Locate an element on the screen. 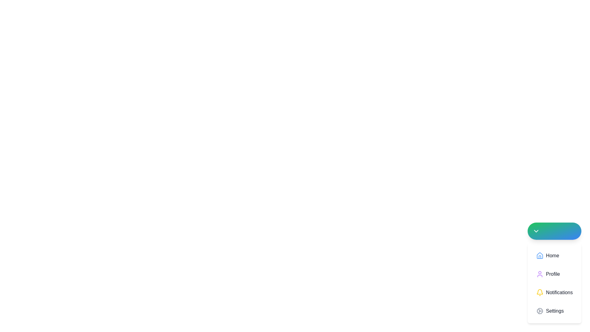  the 'Notifications' button, which is a horizontal button with a yellow bell icon and rounded corners, located in the dropdown menu below 'Profile' and above 'Settings' is located at coordinates (554, 292).